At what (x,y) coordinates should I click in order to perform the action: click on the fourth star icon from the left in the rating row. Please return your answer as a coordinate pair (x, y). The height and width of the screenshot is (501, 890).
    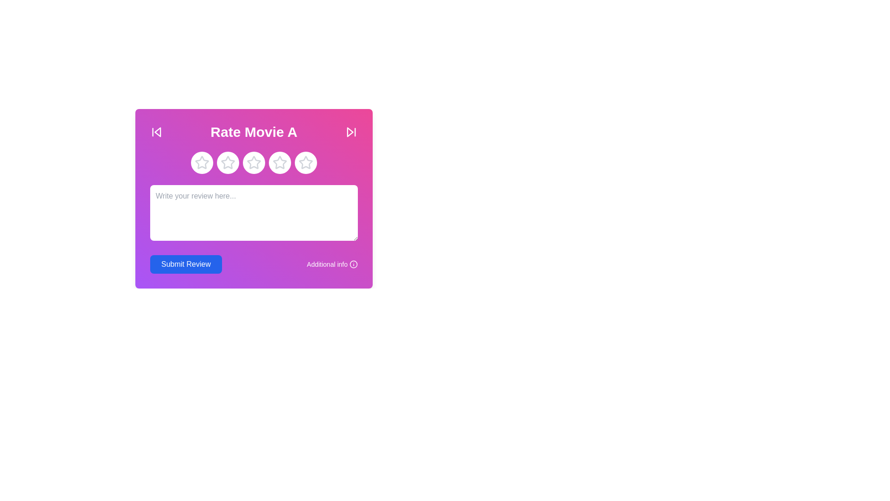
    Looking at the image, I should click on (280, 162).